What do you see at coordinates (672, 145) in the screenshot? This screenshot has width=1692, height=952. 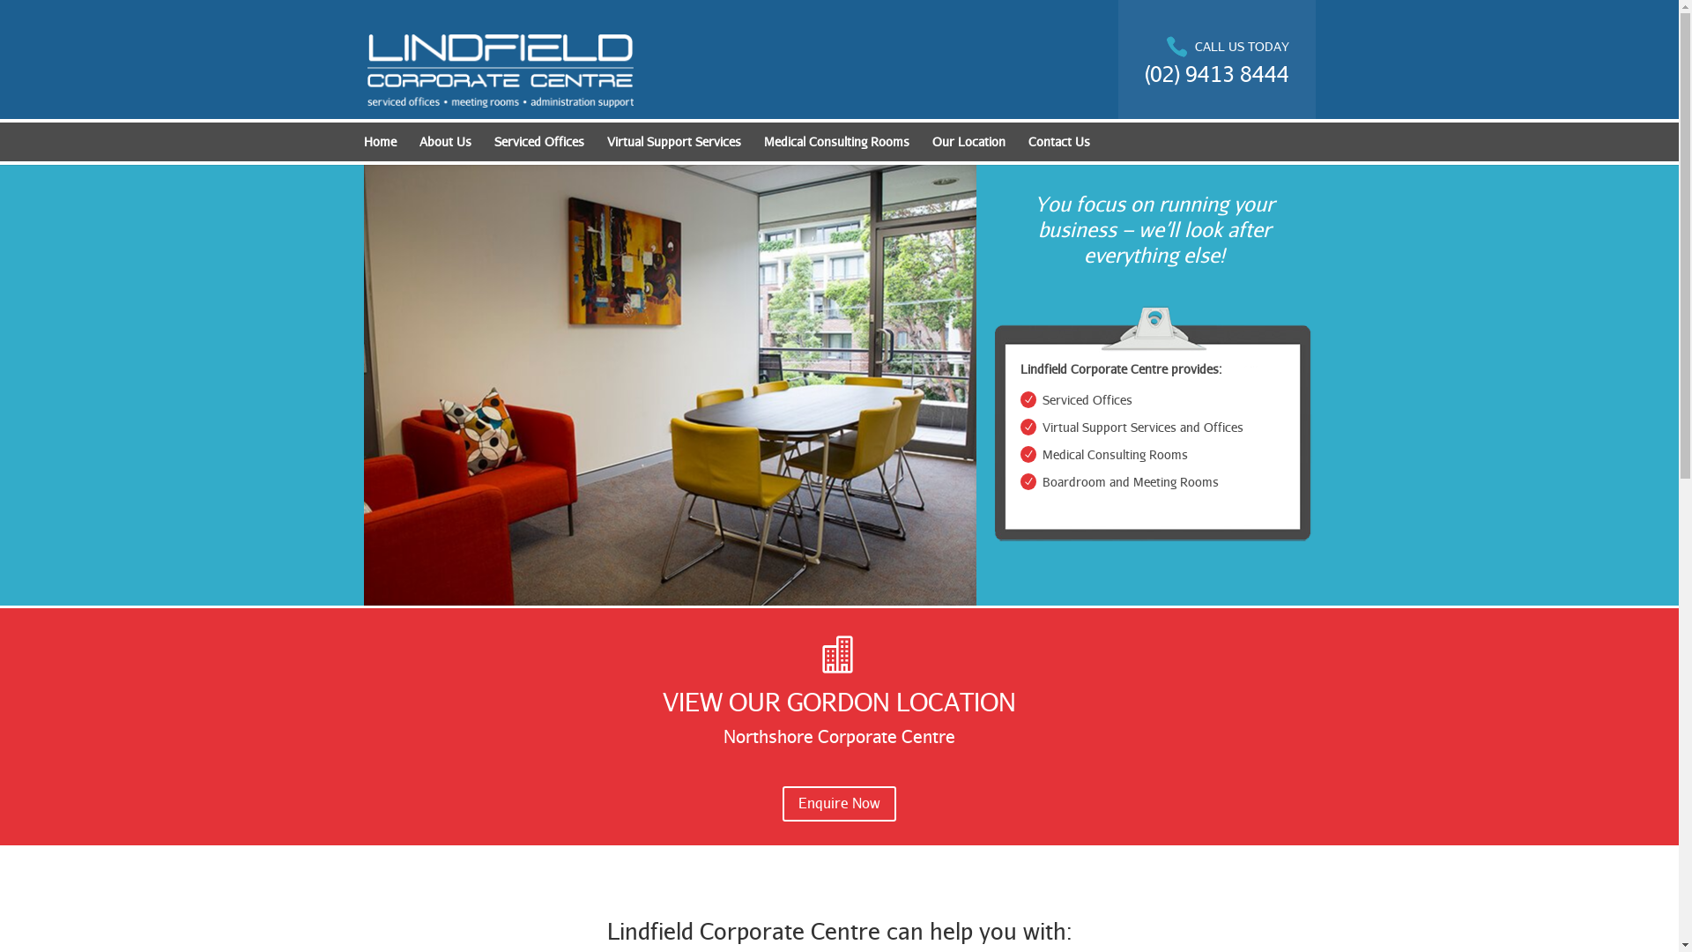 I see `'Virtual Support Services'` at bounding box center [672, 145].